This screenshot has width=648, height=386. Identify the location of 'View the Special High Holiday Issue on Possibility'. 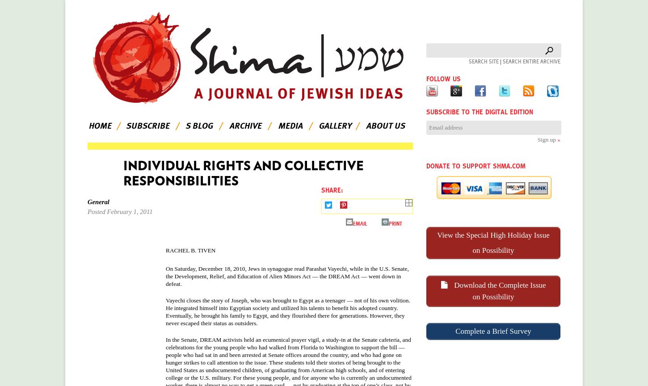
(492, 242).